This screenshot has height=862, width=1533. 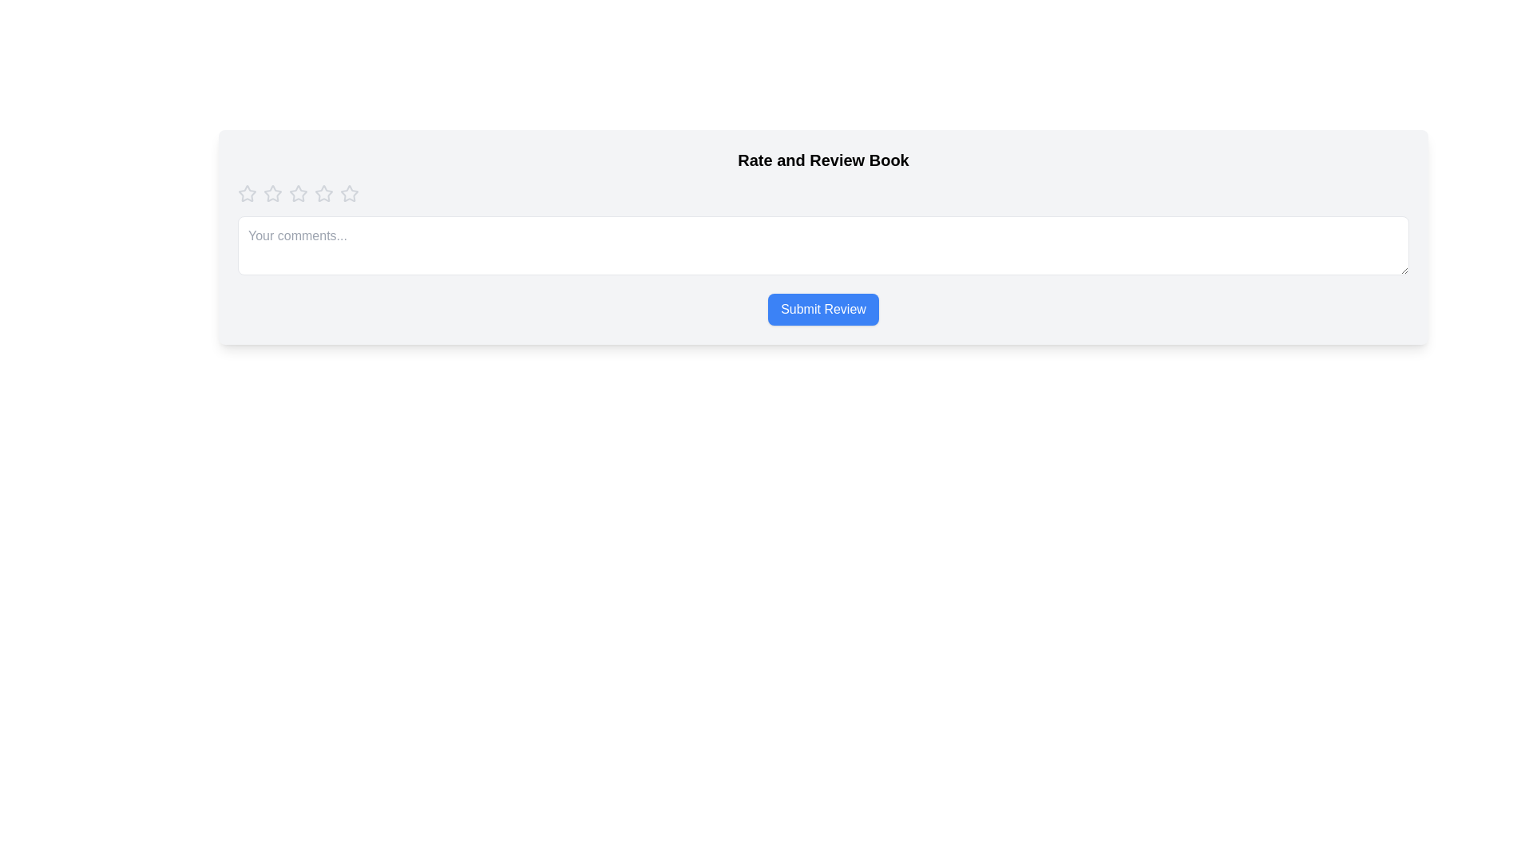 What do you see at coordinates (823, 310) in the screenshot?
I see `submit button to submit the review` at bounding box center [823, 310].